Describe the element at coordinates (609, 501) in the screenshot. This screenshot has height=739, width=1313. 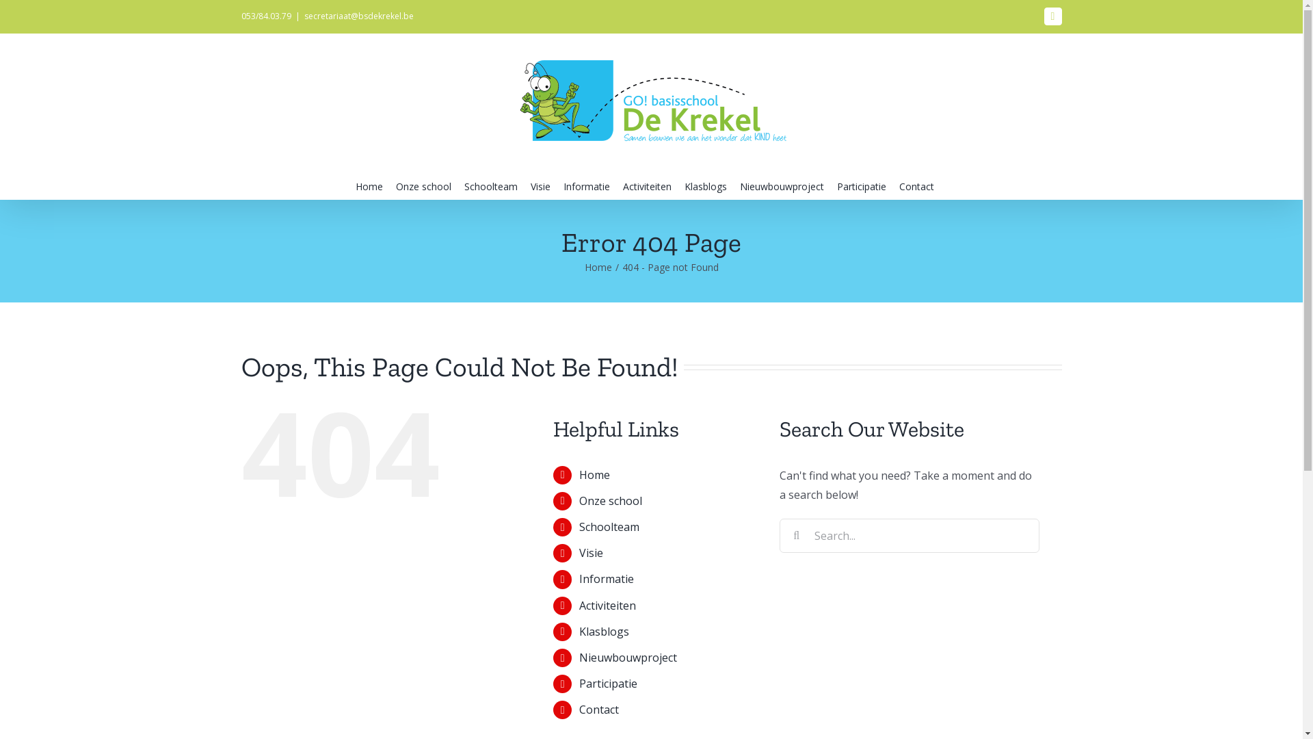
I see `'Onze school'` at that location.